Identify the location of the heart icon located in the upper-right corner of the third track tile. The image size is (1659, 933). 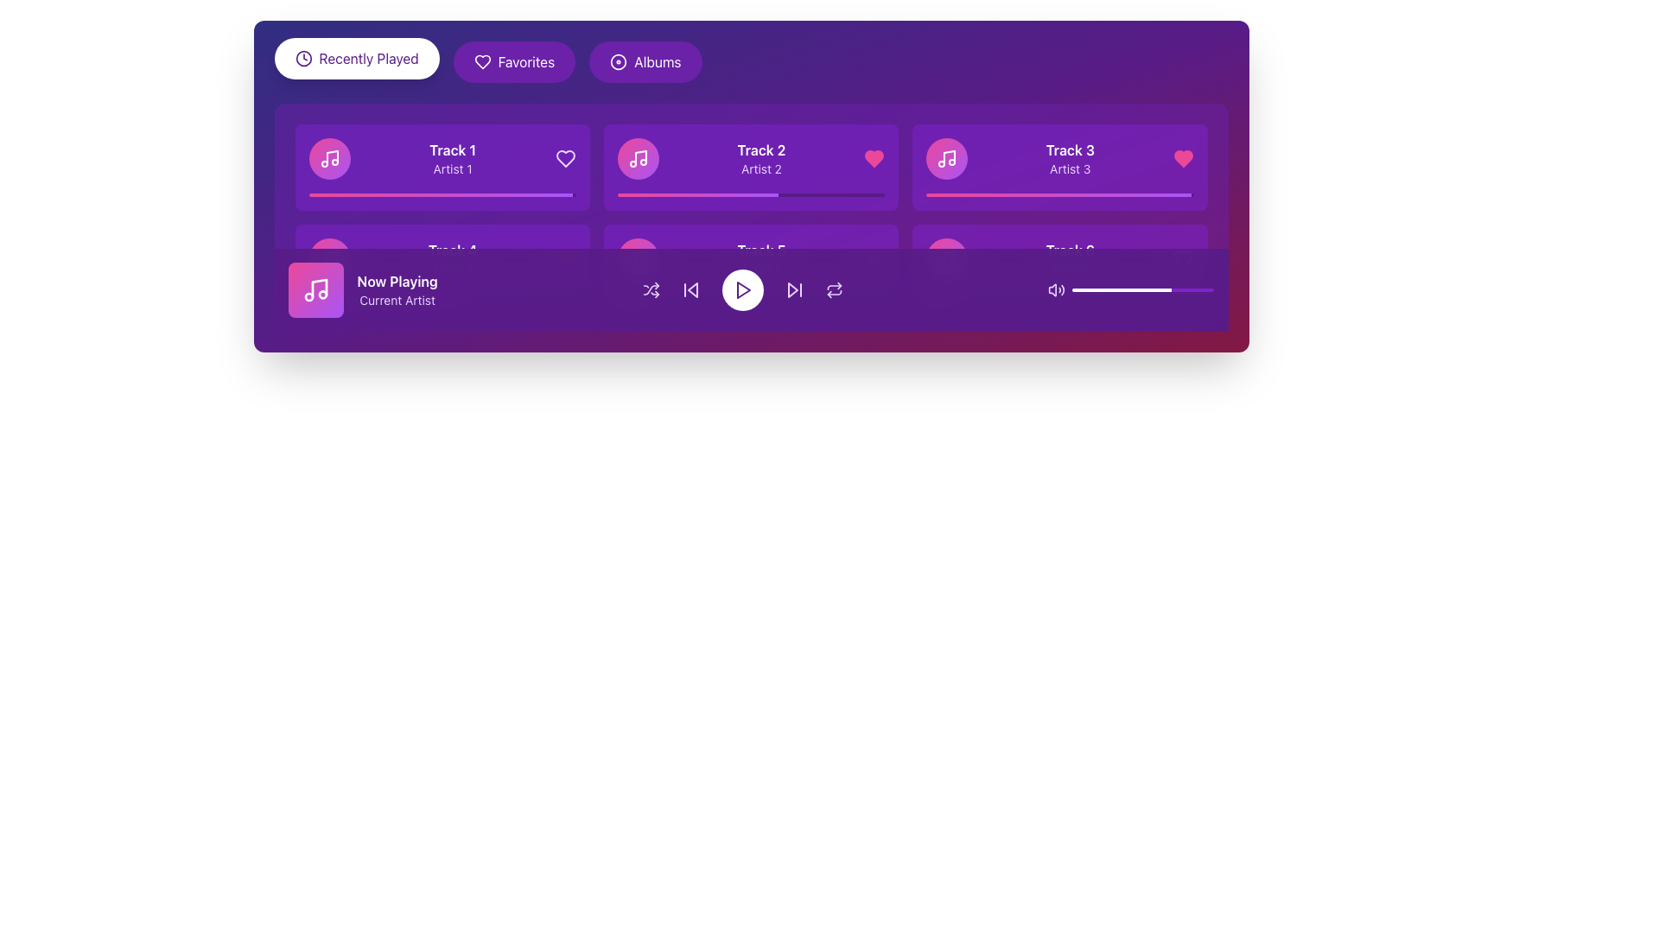
(1182, 159).